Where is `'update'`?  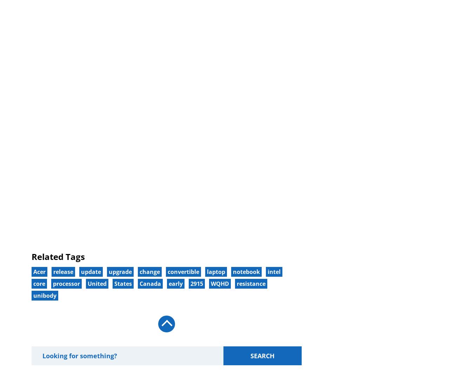
'update' is located at coordinates (91, 271).